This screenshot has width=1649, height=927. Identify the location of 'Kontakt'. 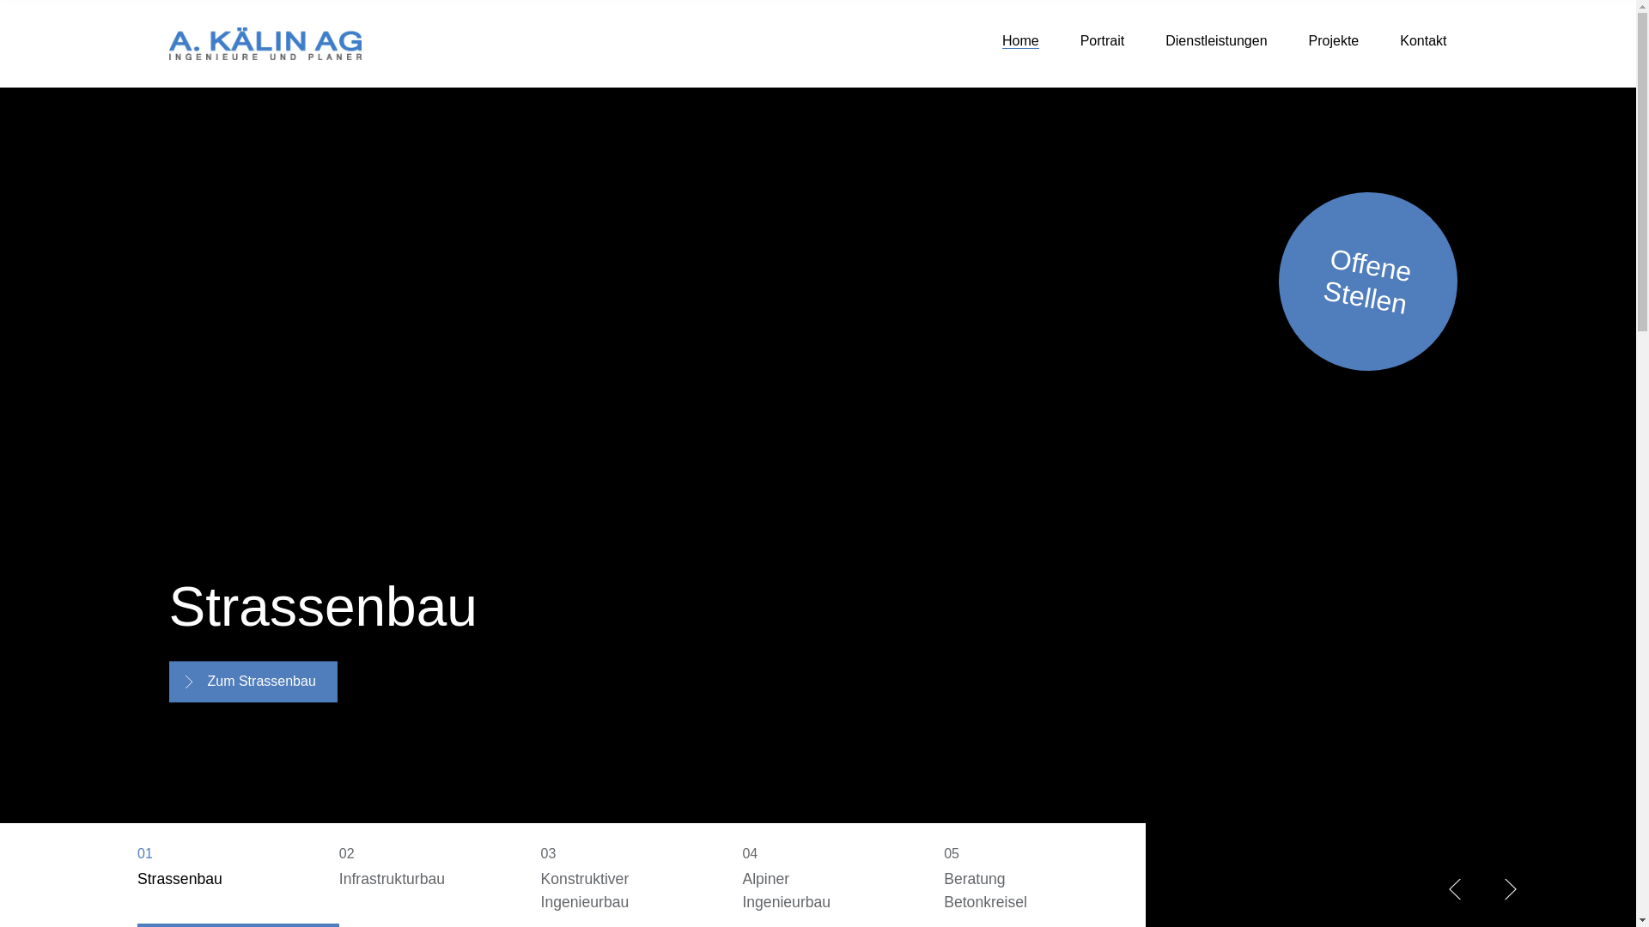
(1422, 39).